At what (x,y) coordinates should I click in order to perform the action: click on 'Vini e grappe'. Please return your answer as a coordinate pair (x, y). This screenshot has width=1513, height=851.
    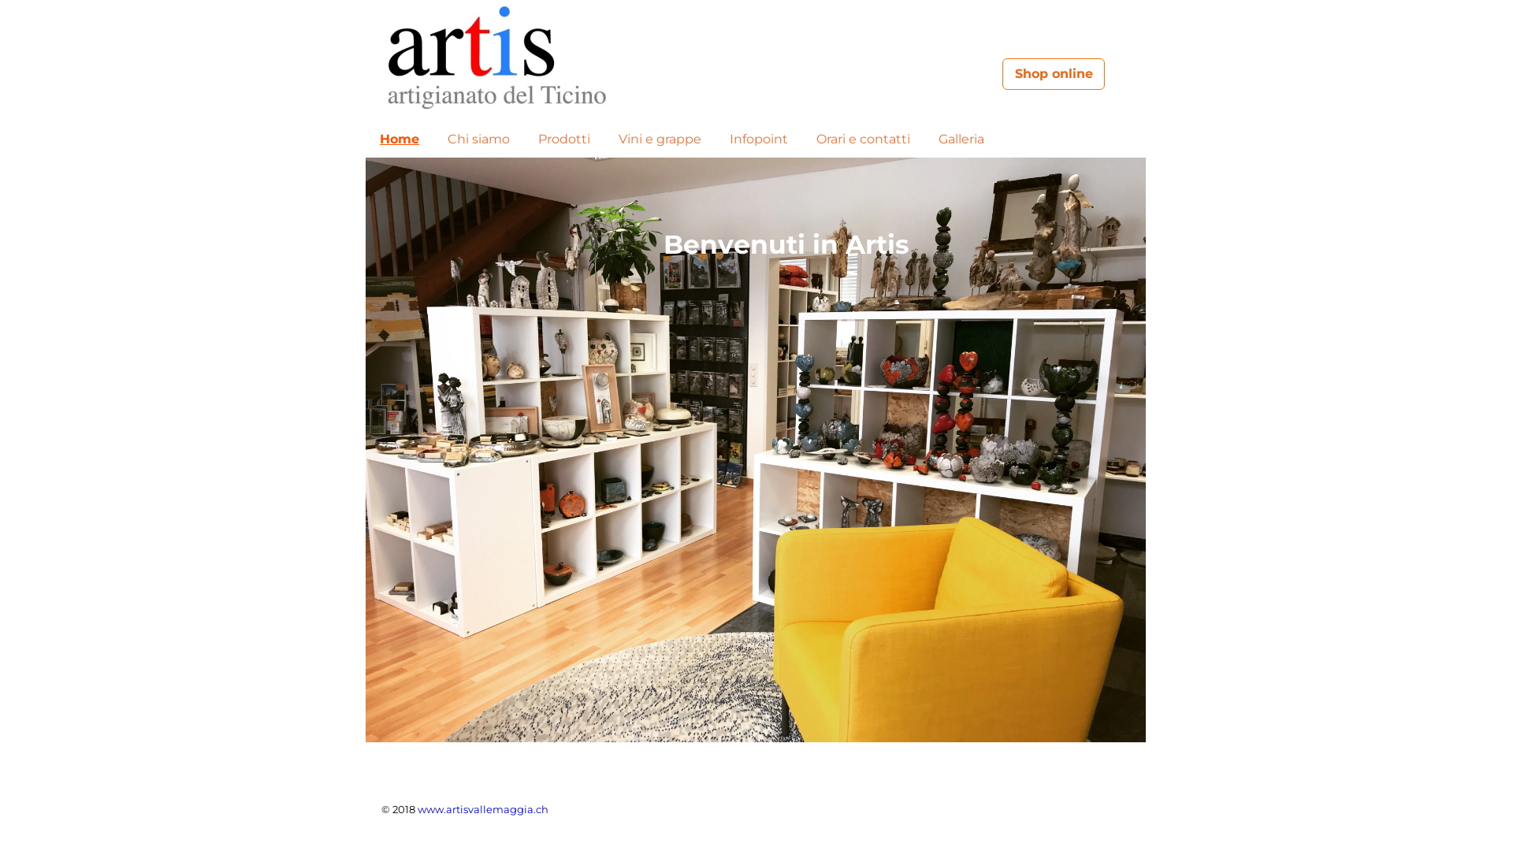
    Looking at the image, I should click on (660, 139).